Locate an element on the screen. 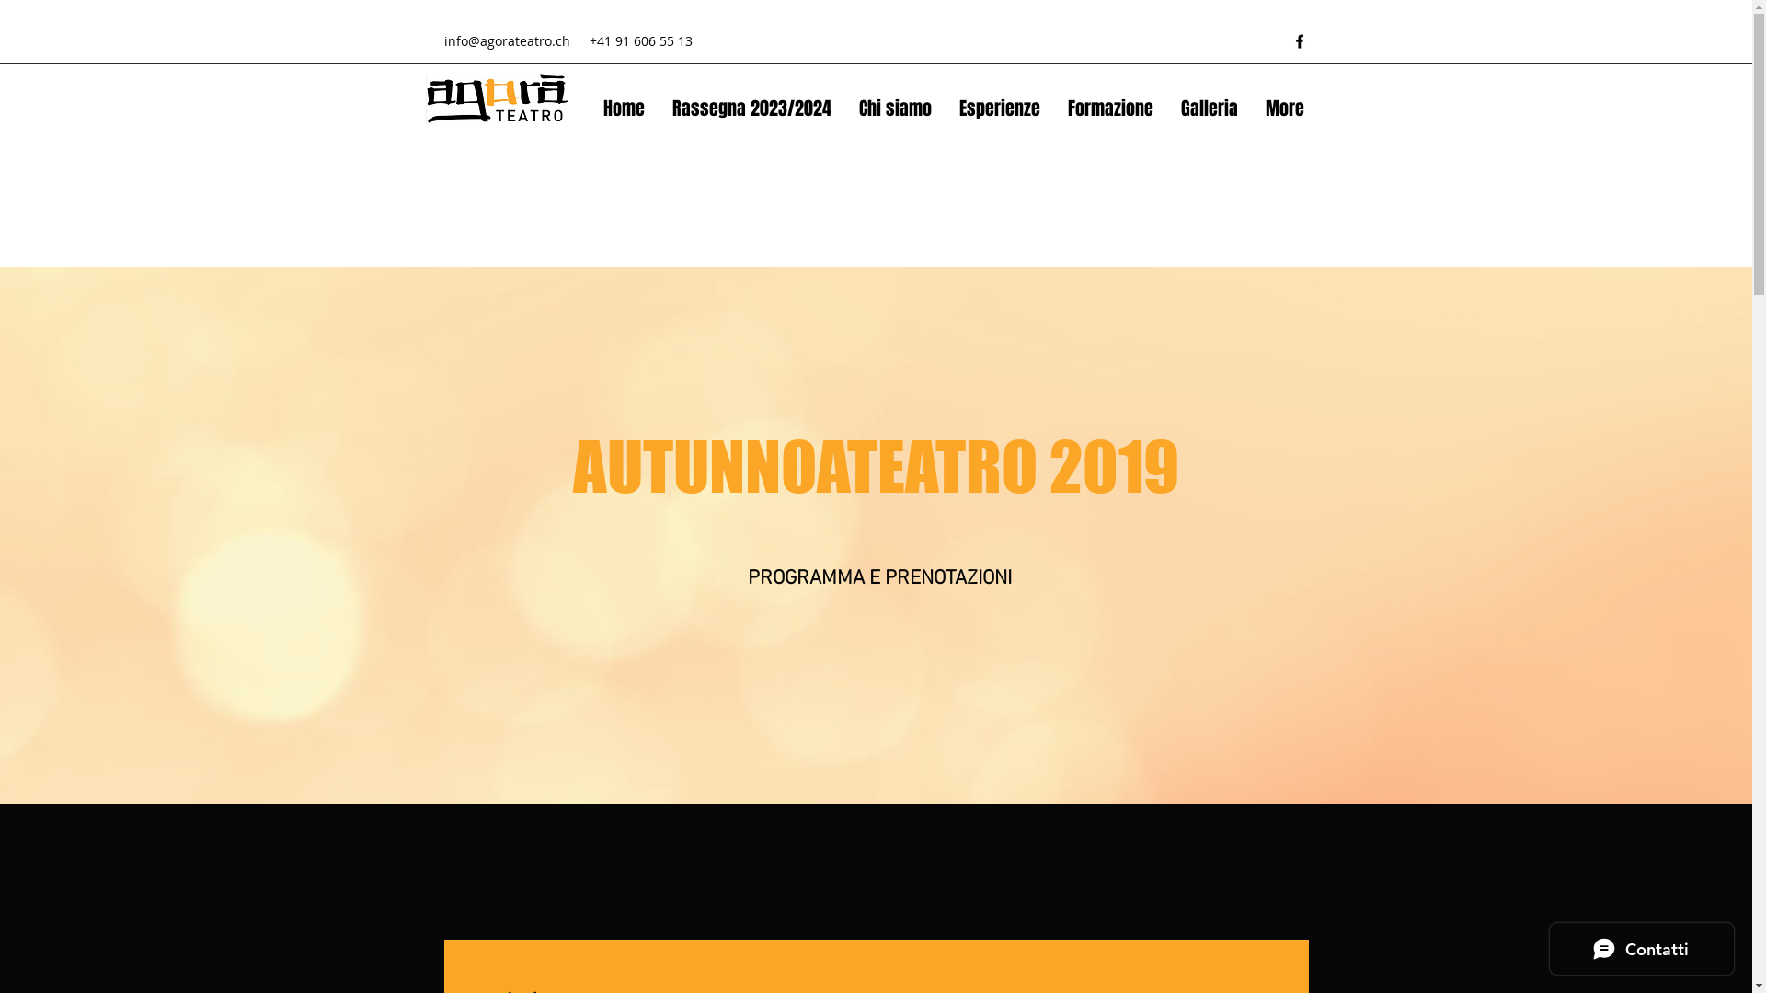 This screenshot has width=1766, height=993. 'Rassegna 2023/2024' is located at coordinates (751, 108).